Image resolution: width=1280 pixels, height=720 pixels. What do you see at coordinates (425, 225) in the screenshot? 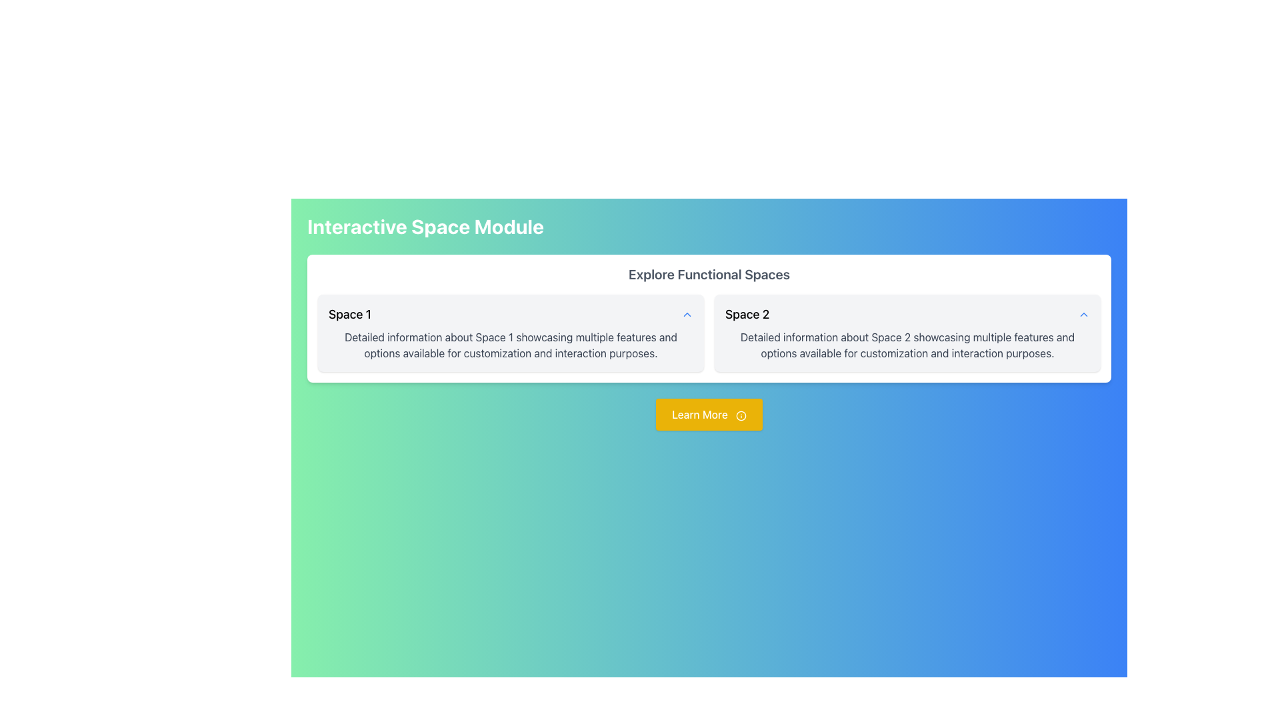
I see `the bold text label 'Interactive Space Module' located at the top-left corner of the interface, styled in large white font on a gradient background` at bounding box center [425, 225].